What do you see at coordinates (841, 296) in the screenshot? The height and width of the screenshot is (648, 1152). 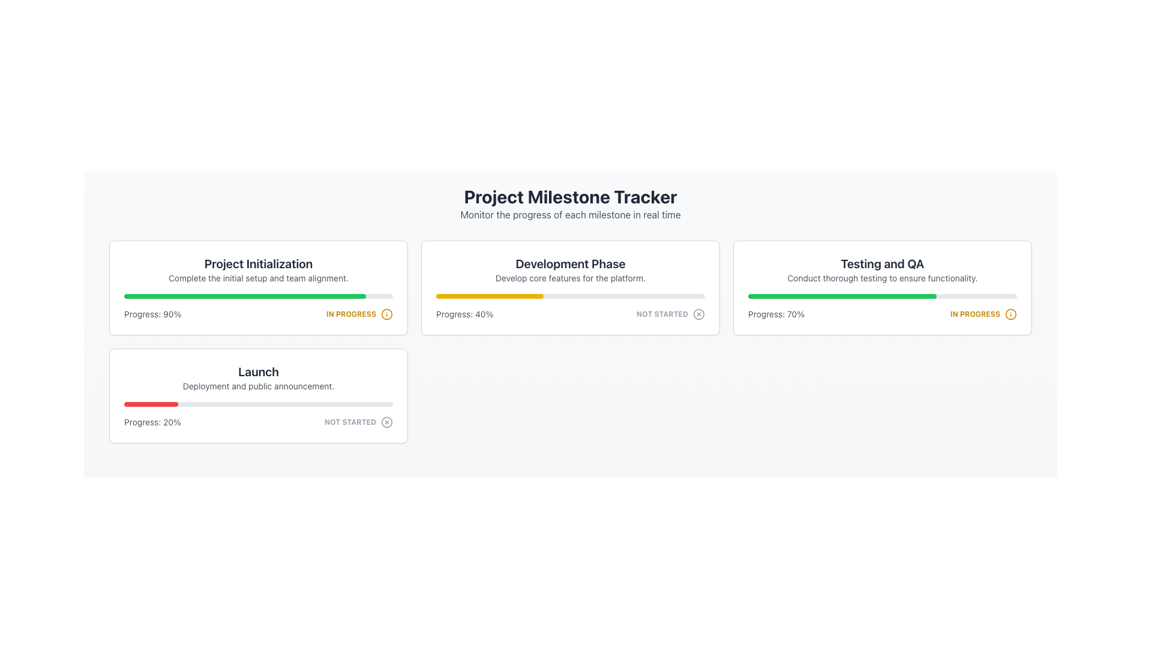 I see `the green progress bar in the 'Testing and QA' section, which indicates 70% completion` at bounding box center [841, 296].